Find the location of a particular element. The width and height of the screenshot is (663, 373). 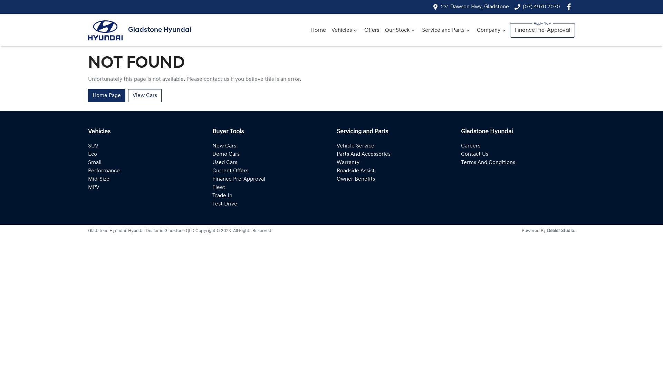

'Trade In' is located at coordinates (222, 196).